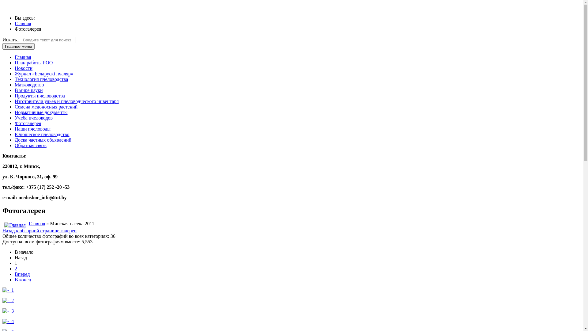 The width and height of the screenshot is (588, 331). Describe the element at coordinates (8, 290) in the screenshot. I see `'-_1'` at that location.